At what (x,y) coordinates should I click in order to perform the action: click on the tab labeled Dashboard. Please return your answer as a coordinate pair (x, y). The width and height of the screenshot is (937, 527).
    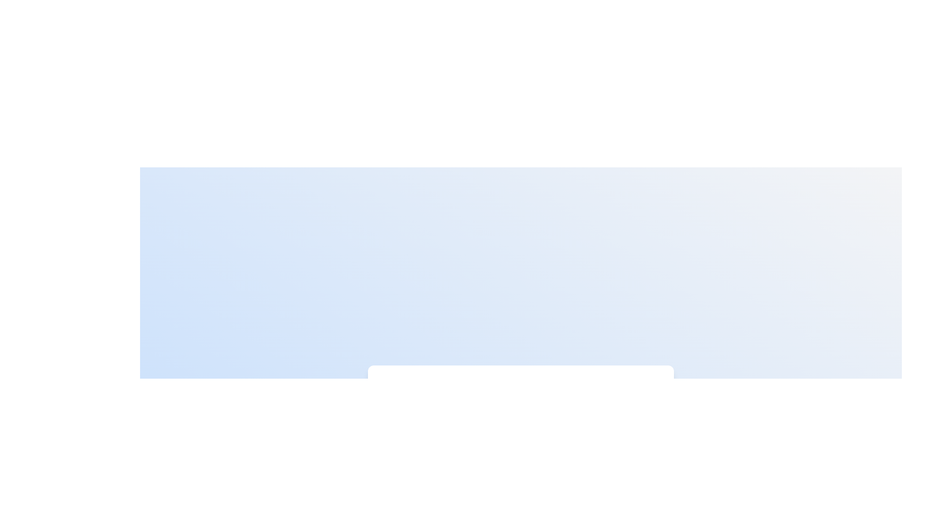
    Looking at the image, I should click on (422, 394).